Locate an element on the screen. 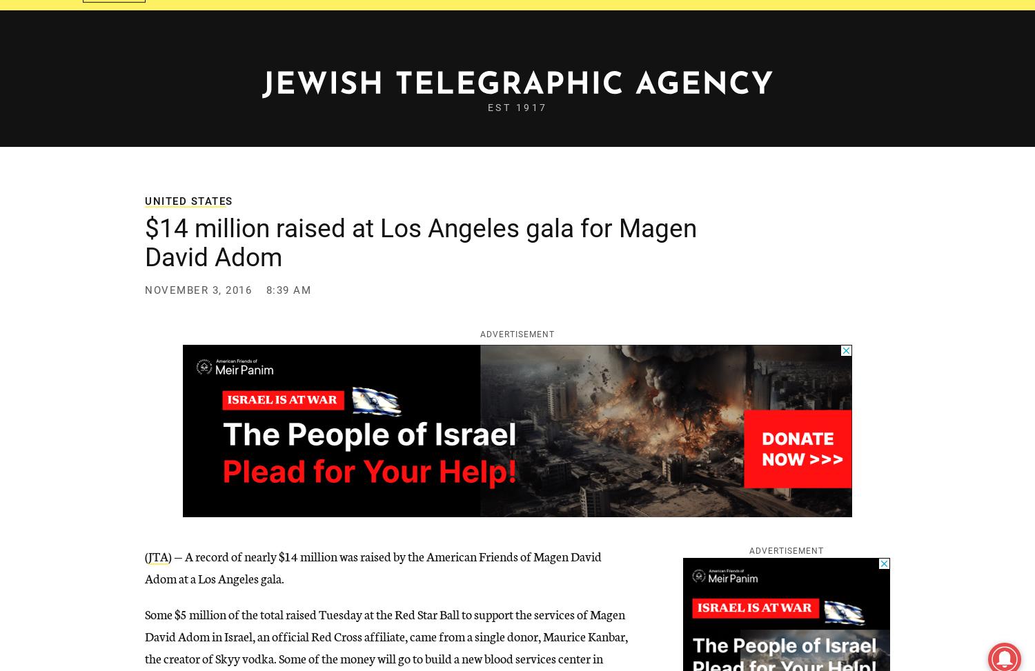 Image resolution: width=1035 pixels, height=671 pixels. ') — A record of nearly $14 million was raised by the American Friends of Magen David Adom at a Los Angeles gala.' is located at coordinates (144, 565).